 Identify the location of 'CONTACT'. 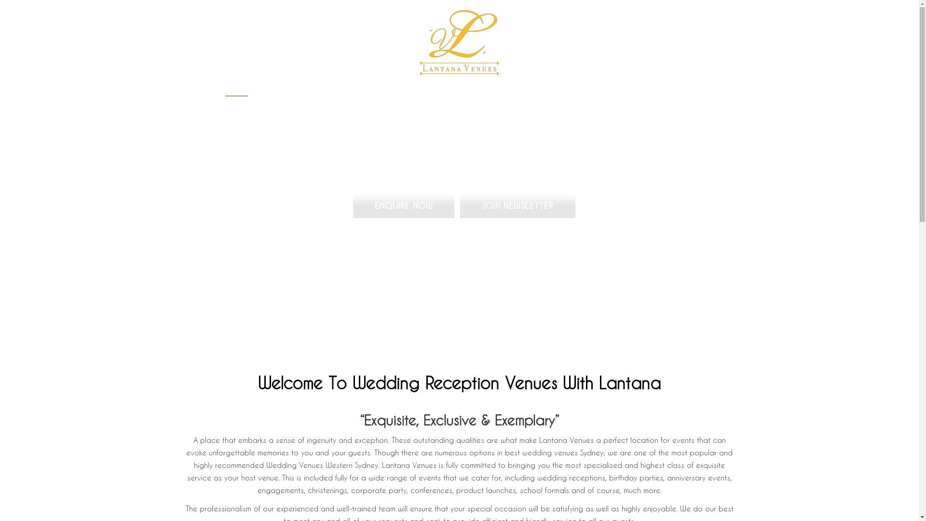
(667, 91).